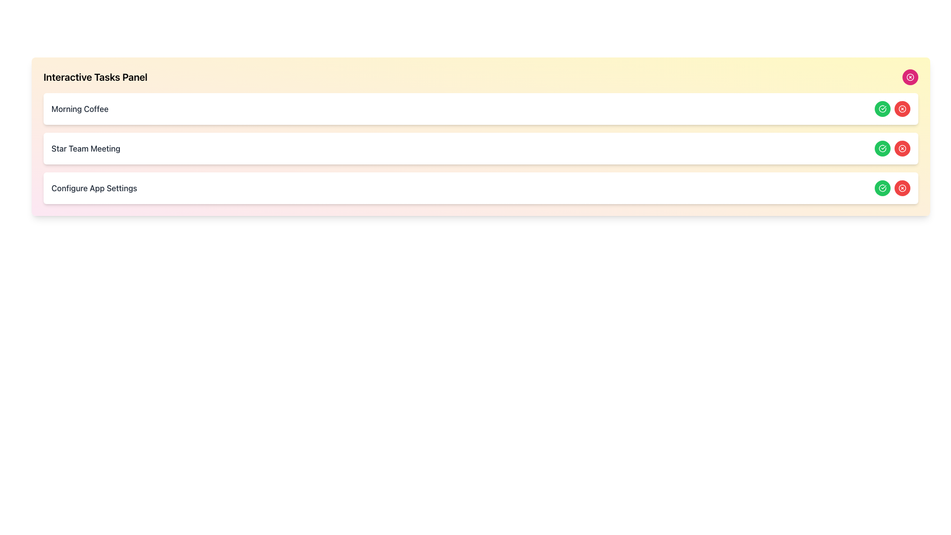 The height and width of the screenshot is (535, 951). I want to click on the delete button for the 'Morning Coffee' task, which is the second button in its group located to the right of the green button, so click(902, 108).